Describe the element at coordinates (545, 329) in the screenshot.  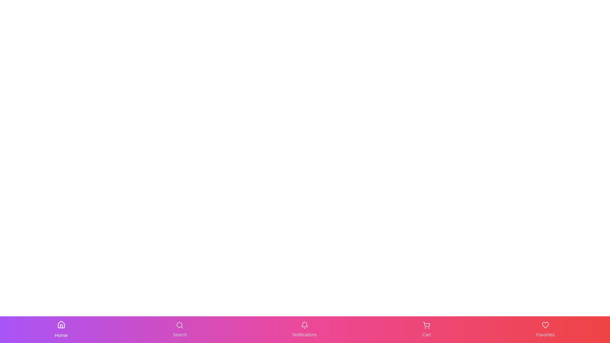
I see `the Favorites button in the navigation bar` at that location.